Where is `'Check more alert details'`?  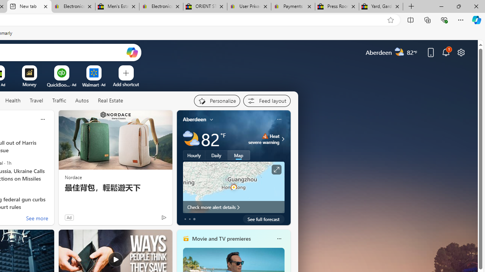 'Check more alert details' is located at coordinates (233, 207).